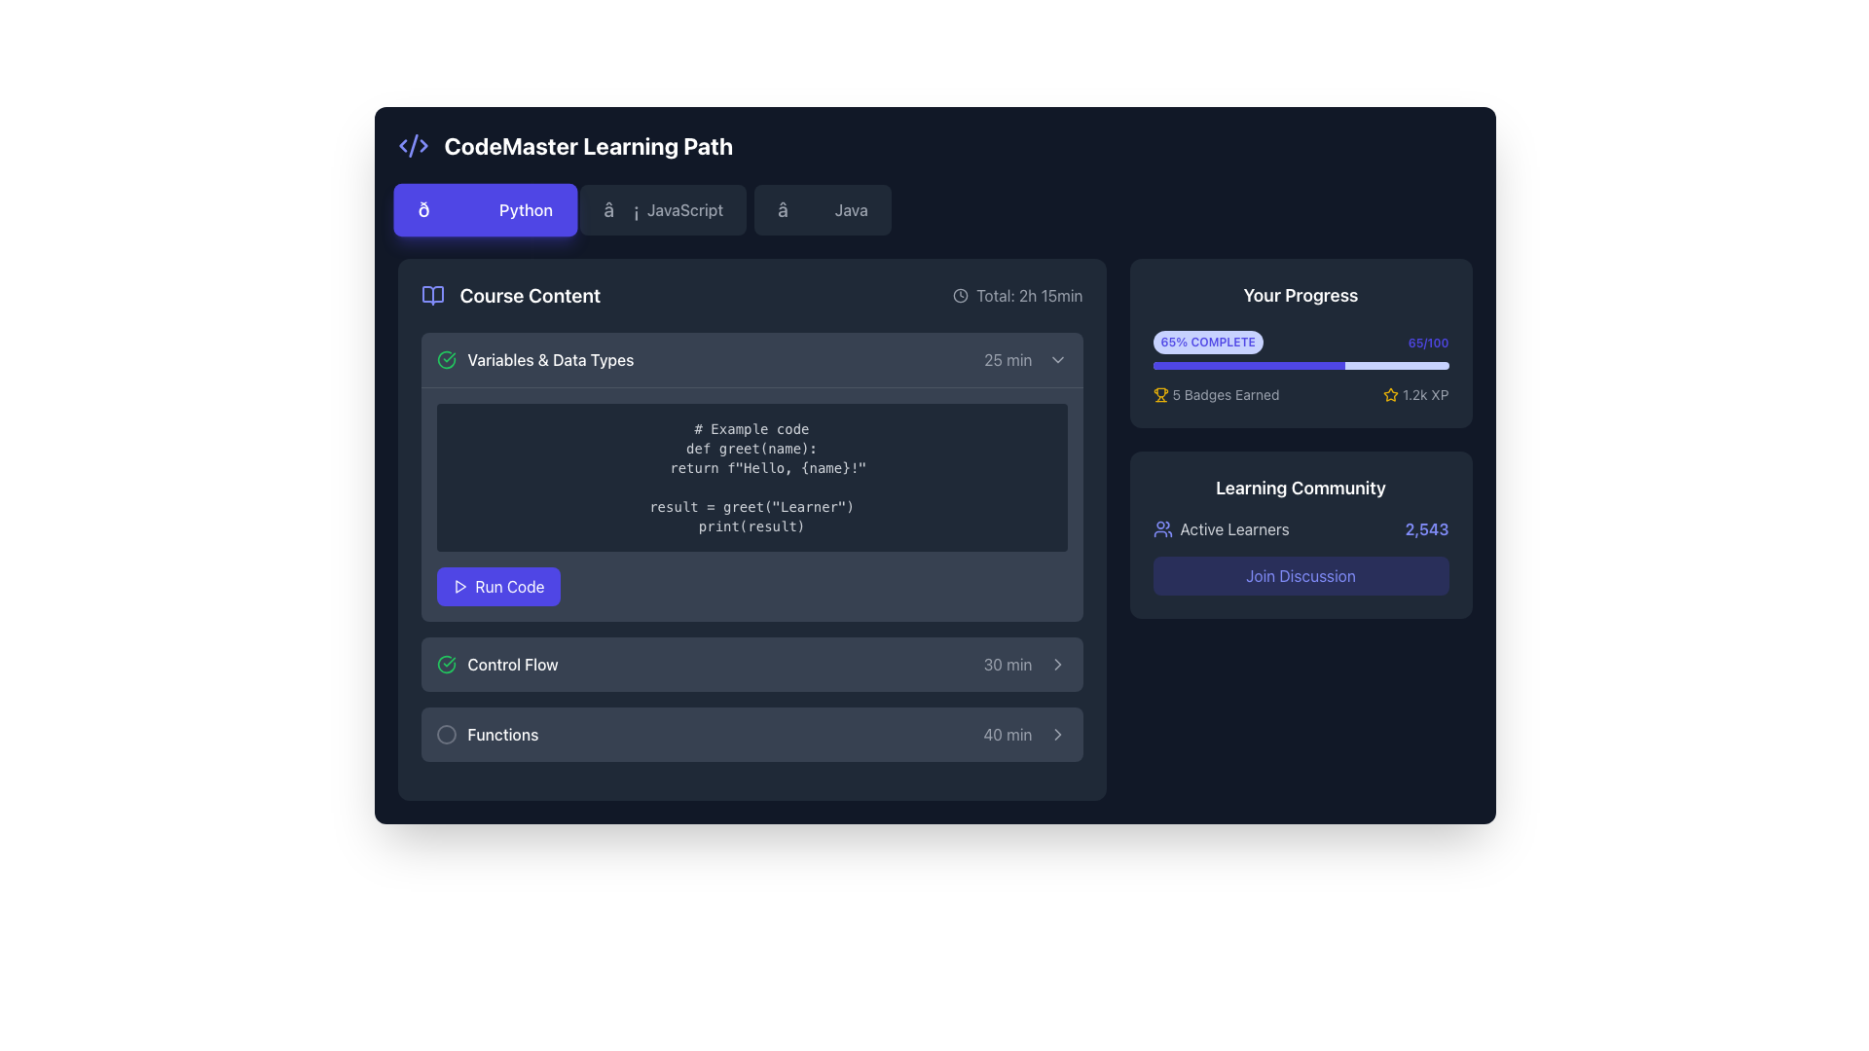 The image size is (1869, 1051). What do you see at coordinates (510, 296) in the screenshot?
I see `the Section heading with an open book icon and the text 'Course Content', which is located in the top-left section of the main course layout` at bounding box center [510, 296].